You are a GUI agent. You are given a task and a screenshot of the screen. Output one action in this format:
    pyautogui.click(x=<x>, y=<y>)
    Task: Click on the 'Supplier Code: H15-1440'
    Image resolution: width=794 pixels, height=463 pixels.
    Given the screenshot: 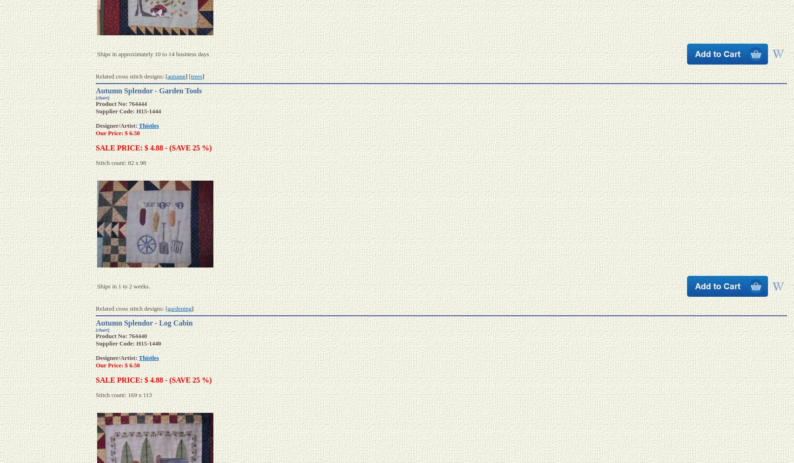 What is the action you would take?
    pyautogui.click(x=128, y=343)
    